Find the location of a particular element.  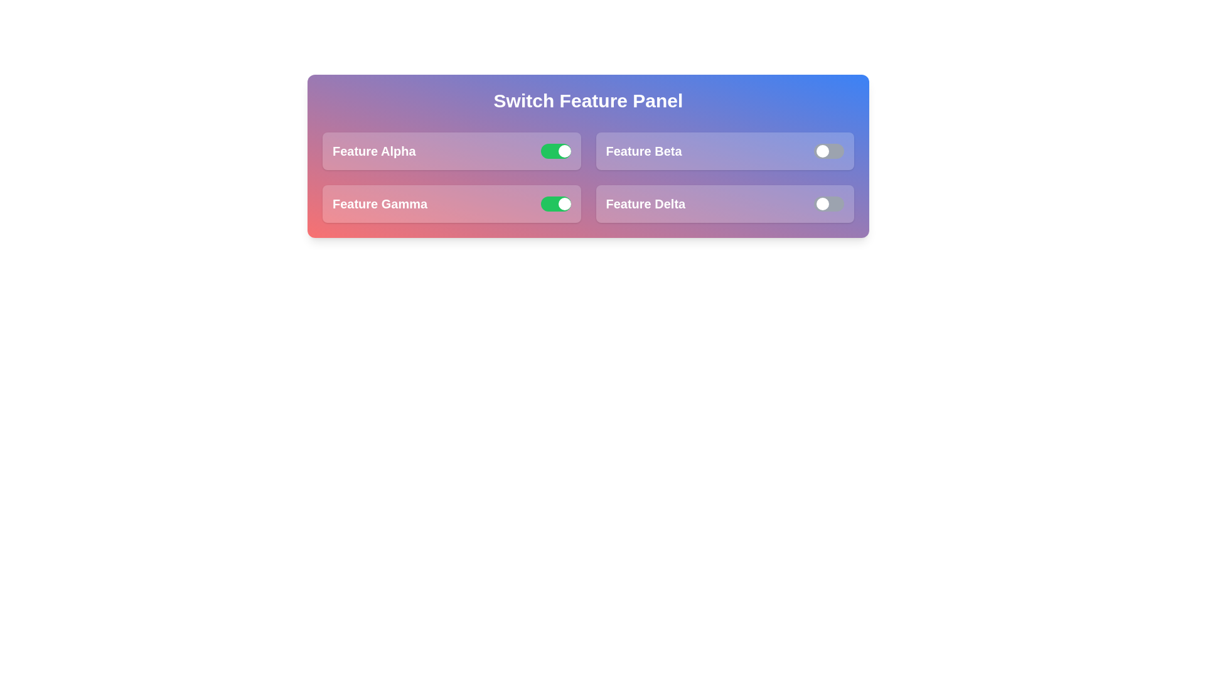

the label of 'Feature Alpha' to inspect it is located at coordinates (373, 150).